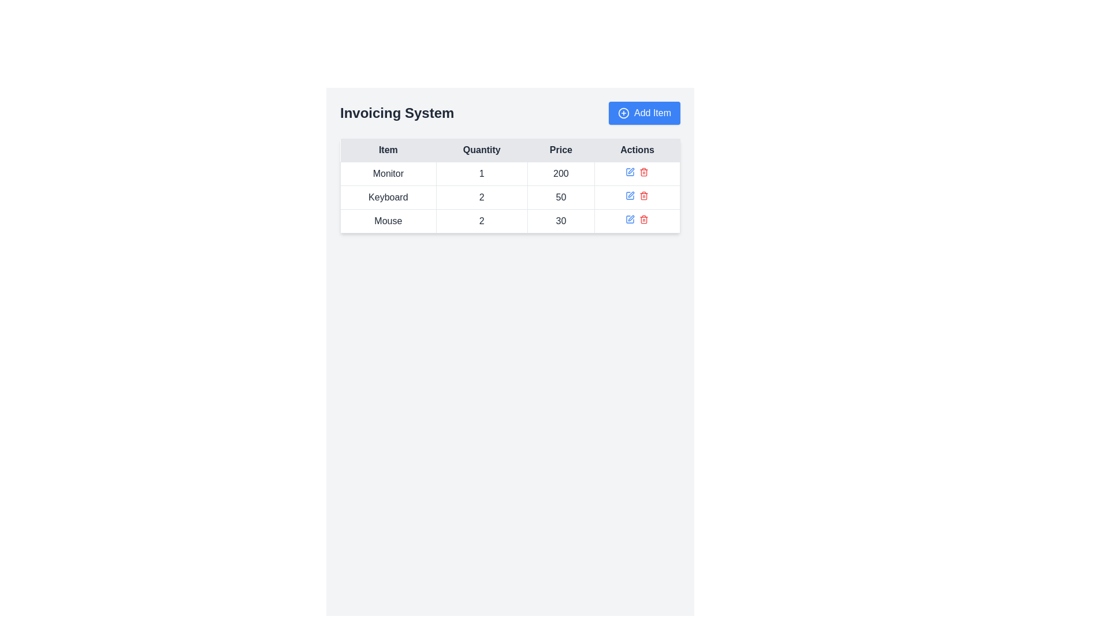 Image resolution: width=1109 pixels, height=624 pixels. I want to click on the first row of the invoice table displaying details for the item 'Monitor', so click(509, 173).